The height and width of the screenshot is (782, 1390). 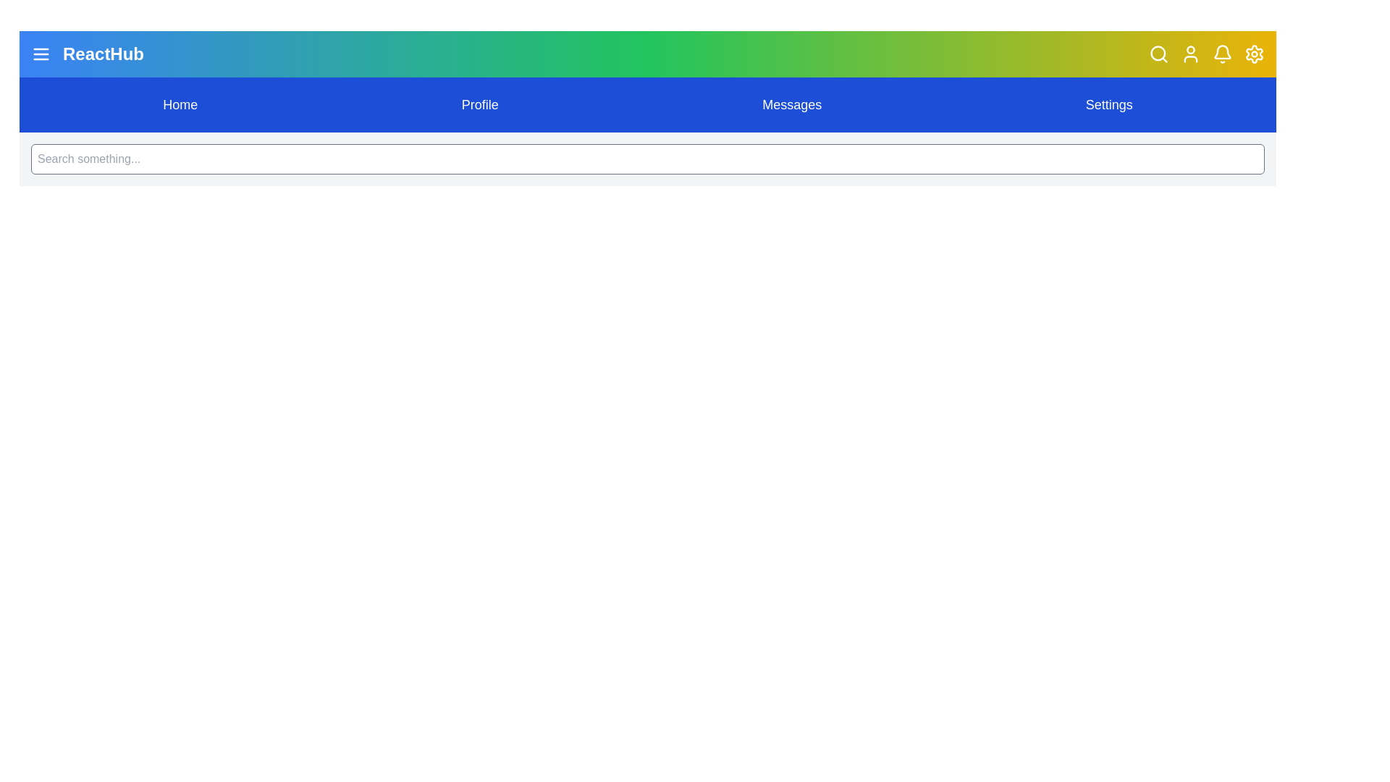 I want to click on the Profile navigation menu item, so click(x=479, y=104).